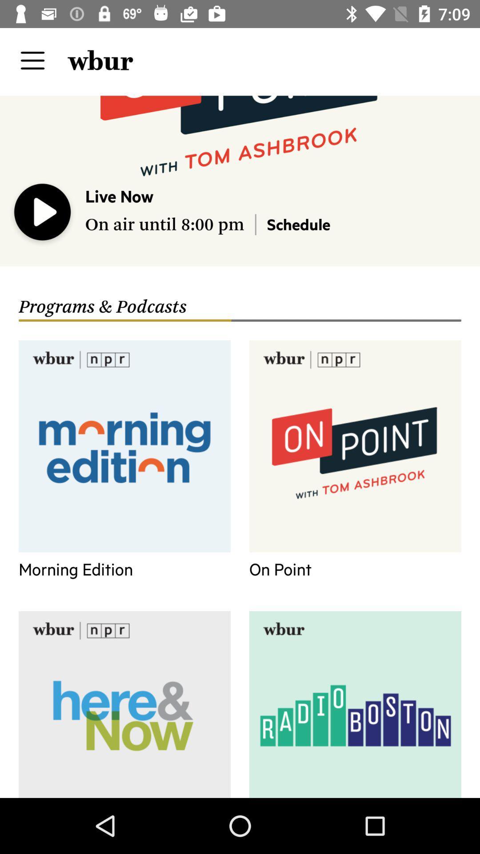 The image size is (480, 854). What do you see at coordinates (32, 60) in the screenshot?
I see `display menu` at bounding box center [32, 60].